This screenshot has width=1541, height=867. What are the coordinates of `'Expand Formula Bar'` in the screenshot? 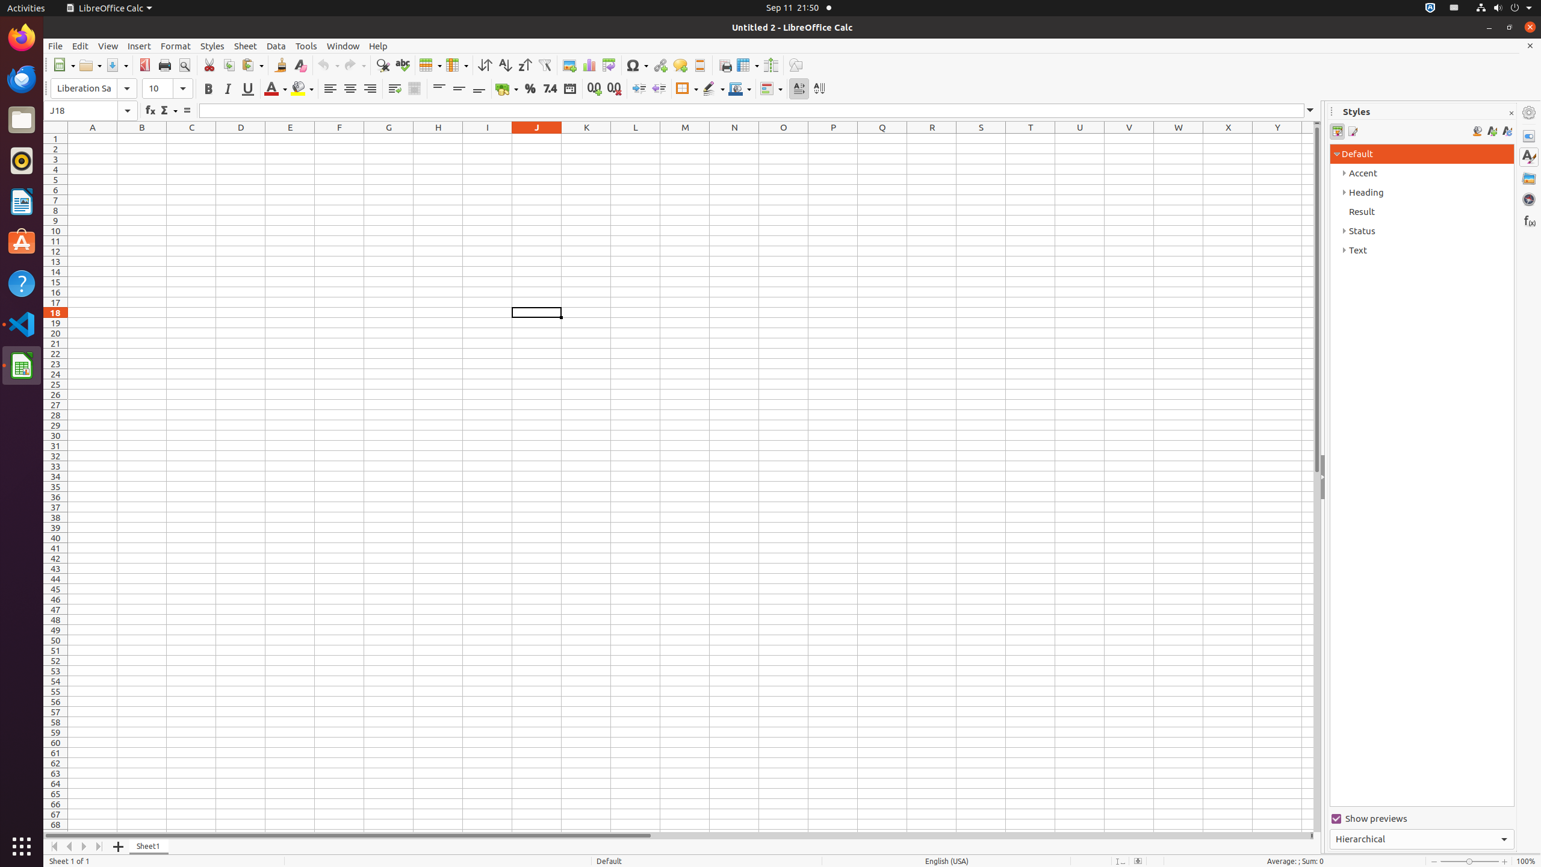 It's located at (1310, 110).